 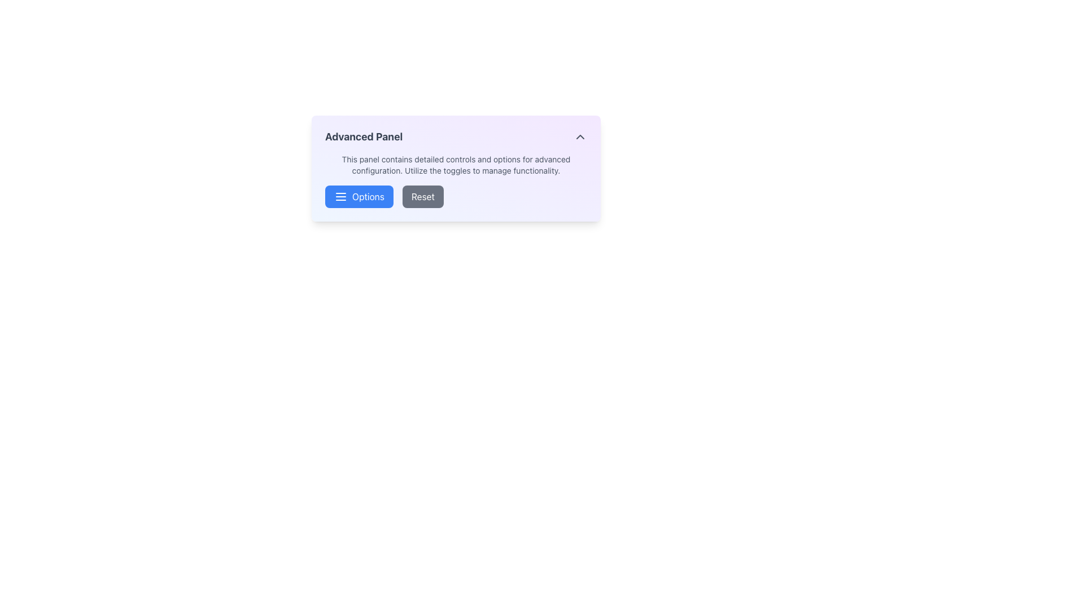 I want to click on the chevron icon button located on the far-right side of the 'Advanced Panel', so click(x=580, y=136).